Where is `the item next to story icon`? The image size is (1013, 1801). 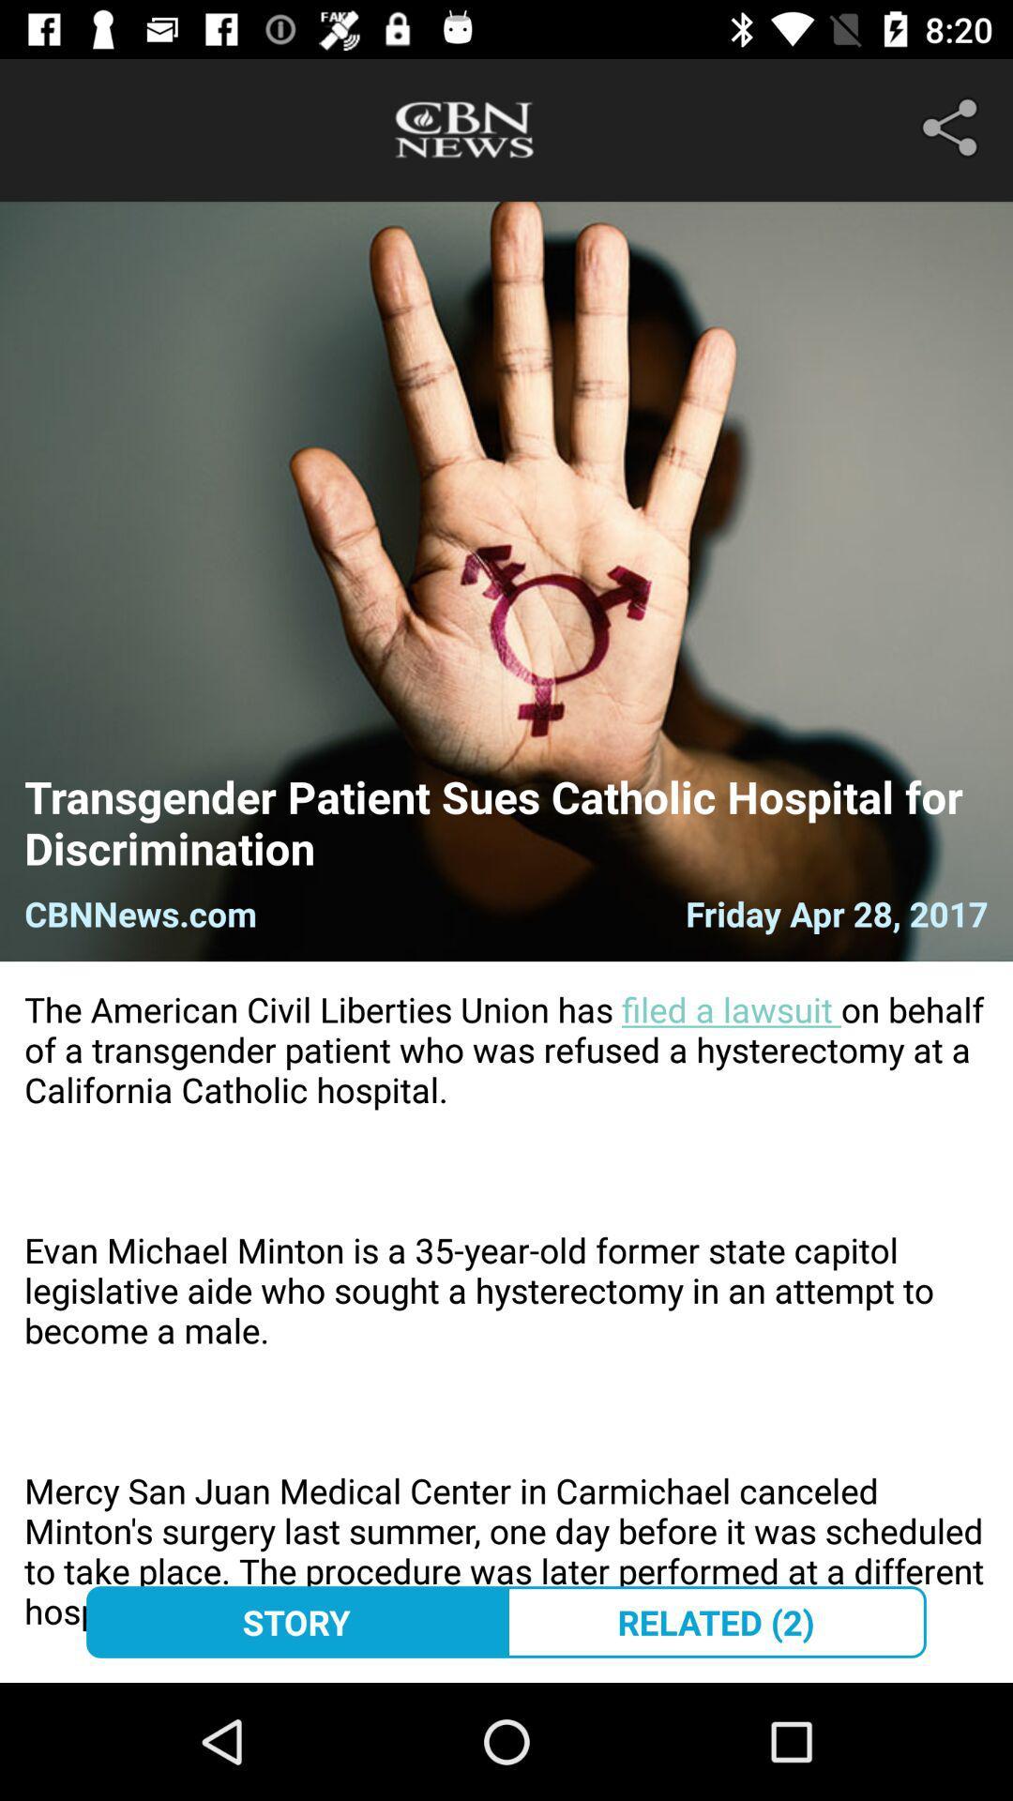 the item next to story icon is located at coordinates (716, 1621).